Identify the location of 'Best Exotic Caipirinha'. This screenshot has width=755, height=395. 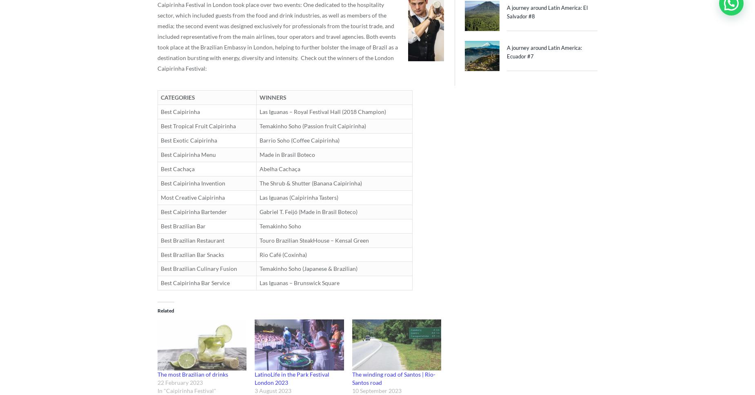
(189, 139).